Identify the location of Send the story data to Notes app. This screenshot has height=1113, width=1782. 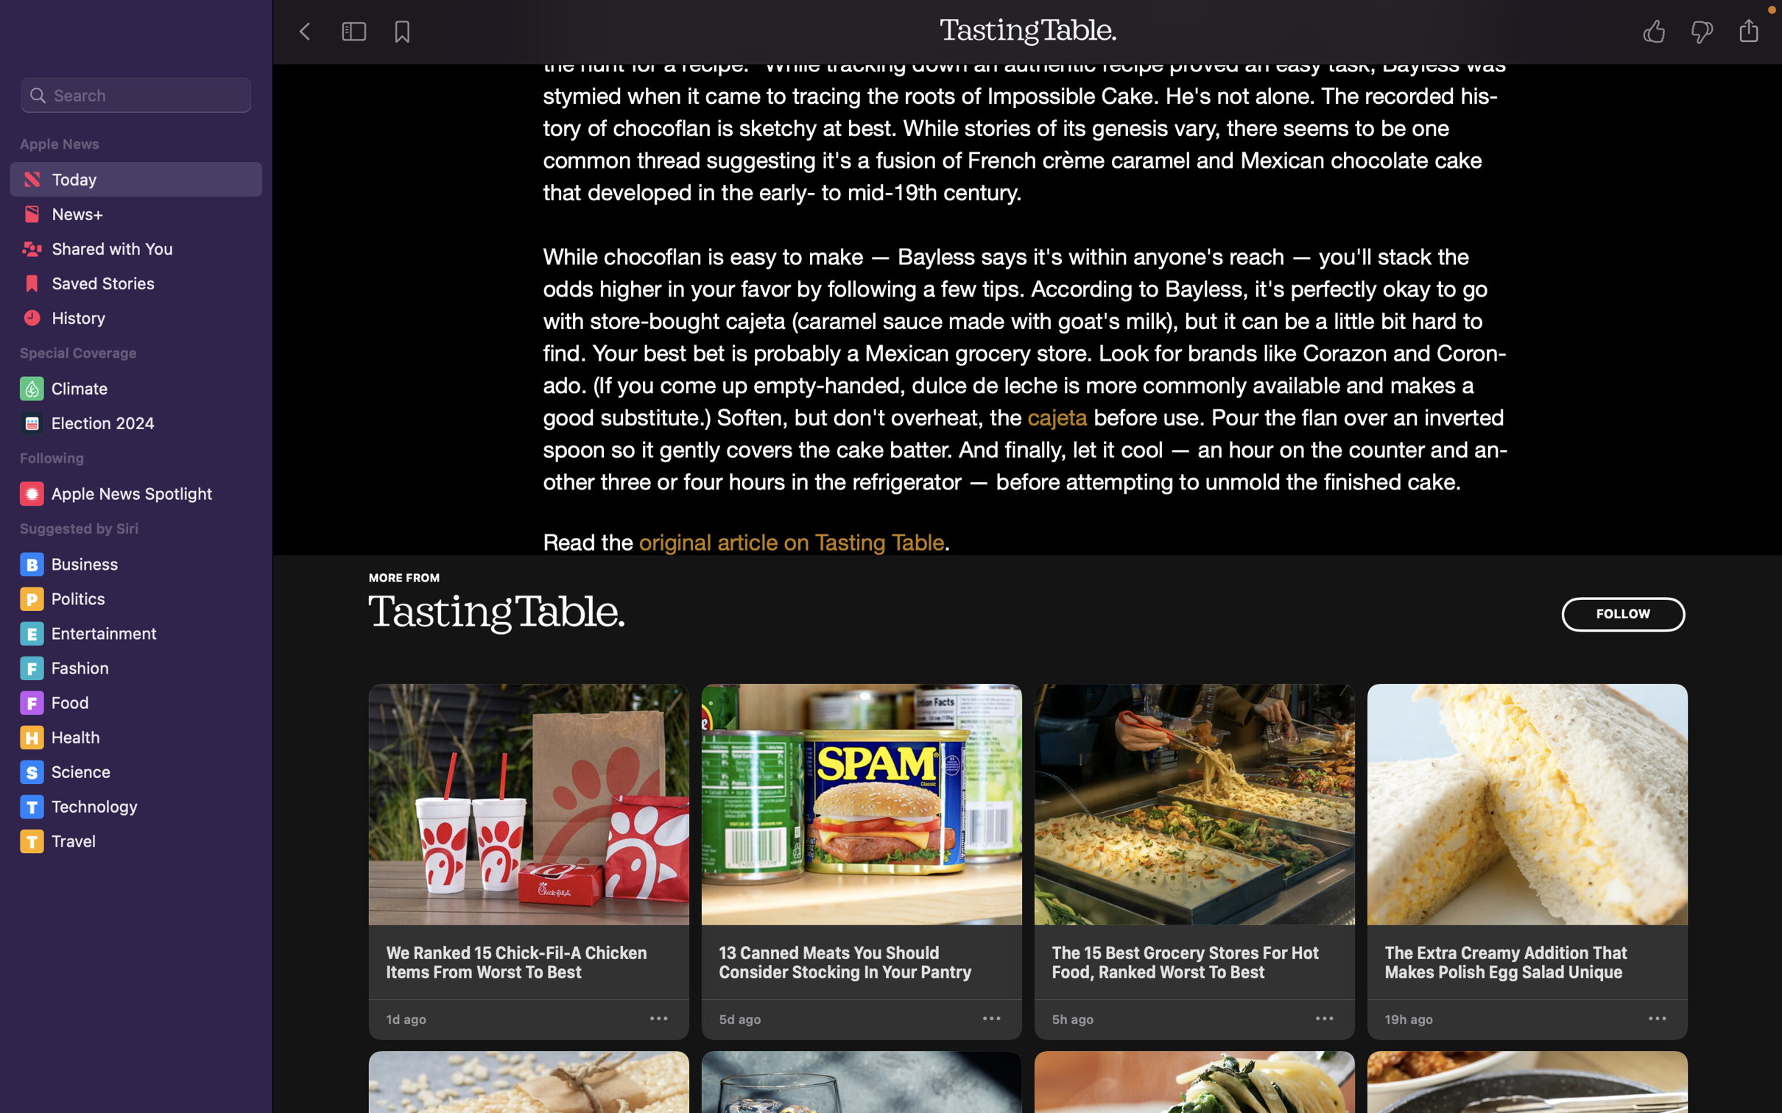
(1753, 30).